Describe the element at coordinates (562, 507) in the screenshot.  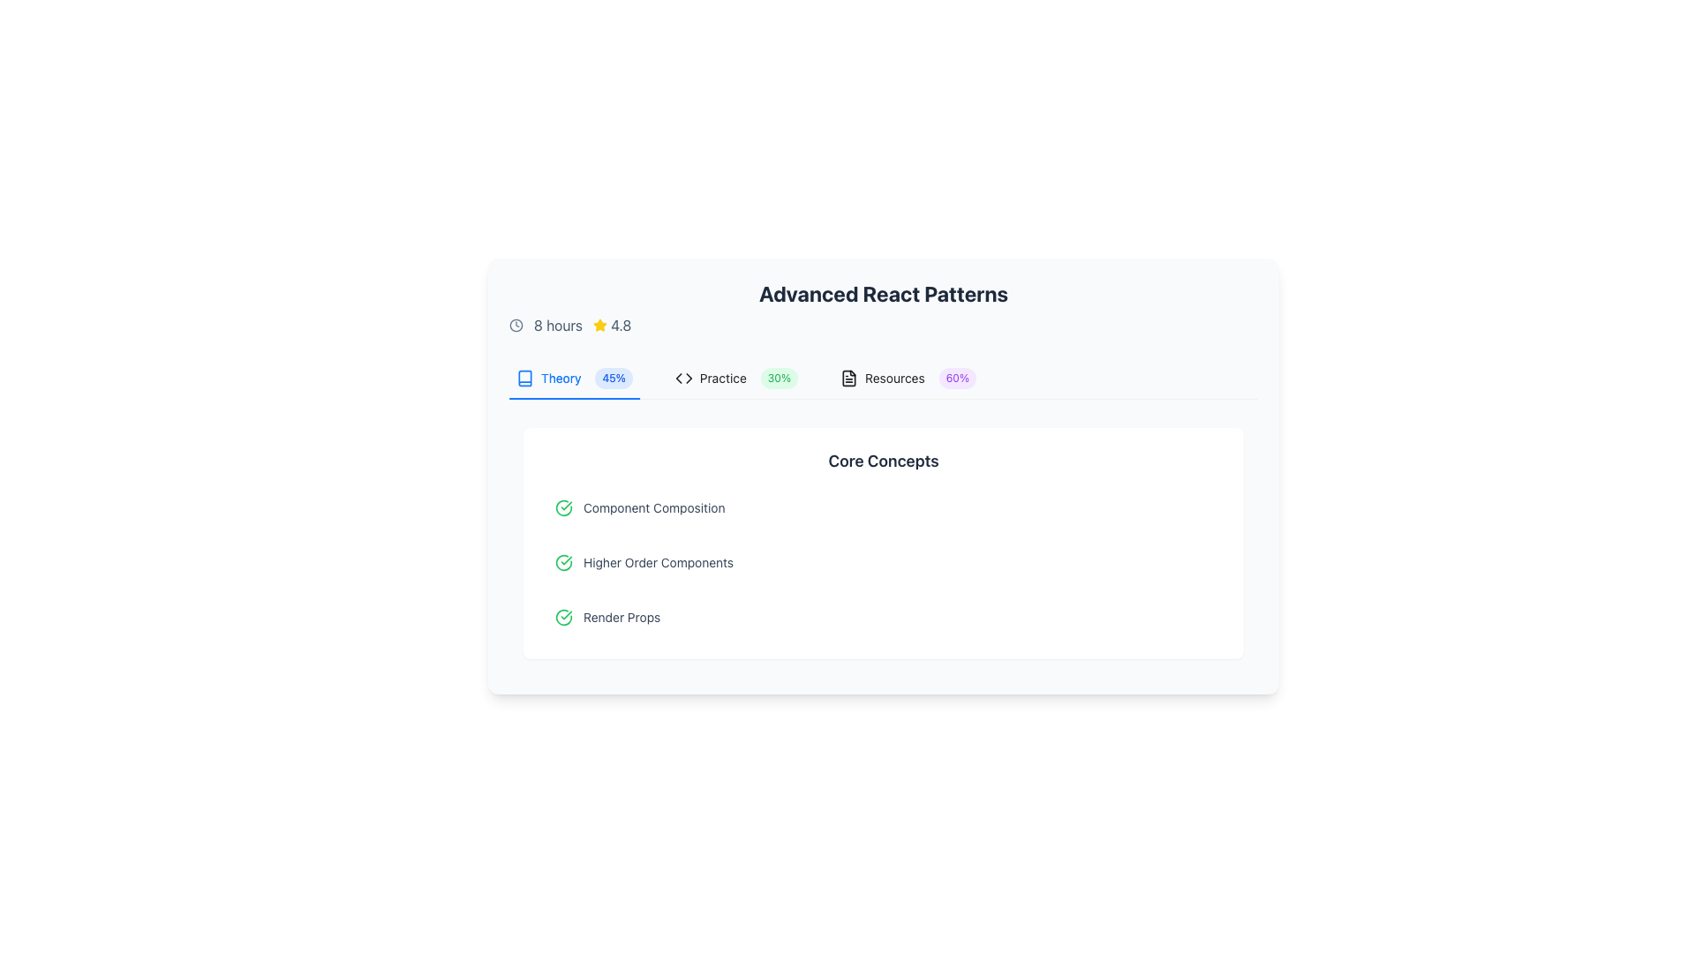
I see `the first icon in the vertical list under the 'Core Concepts' section, which indicates a completed status for 'Component Composition'` at that location.